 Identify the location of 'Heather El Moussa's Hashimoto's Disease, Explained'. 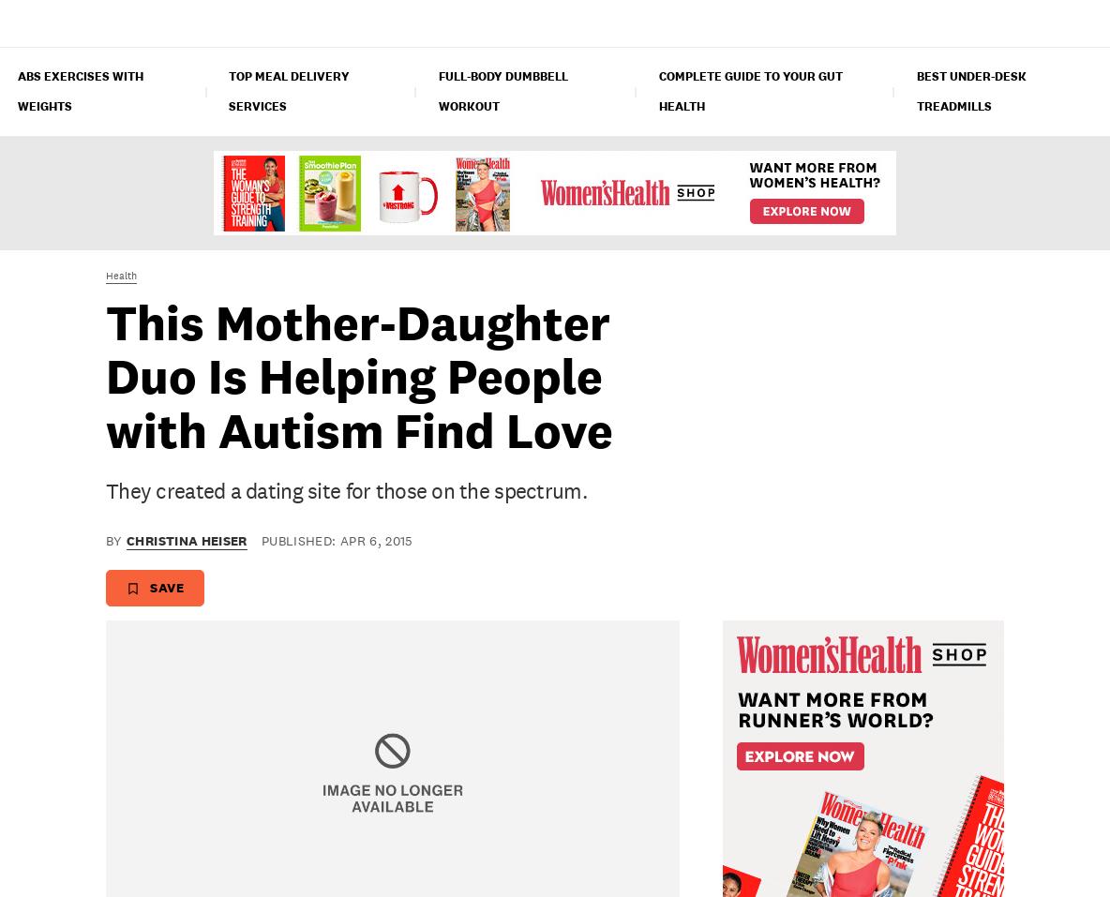
(37, 477).